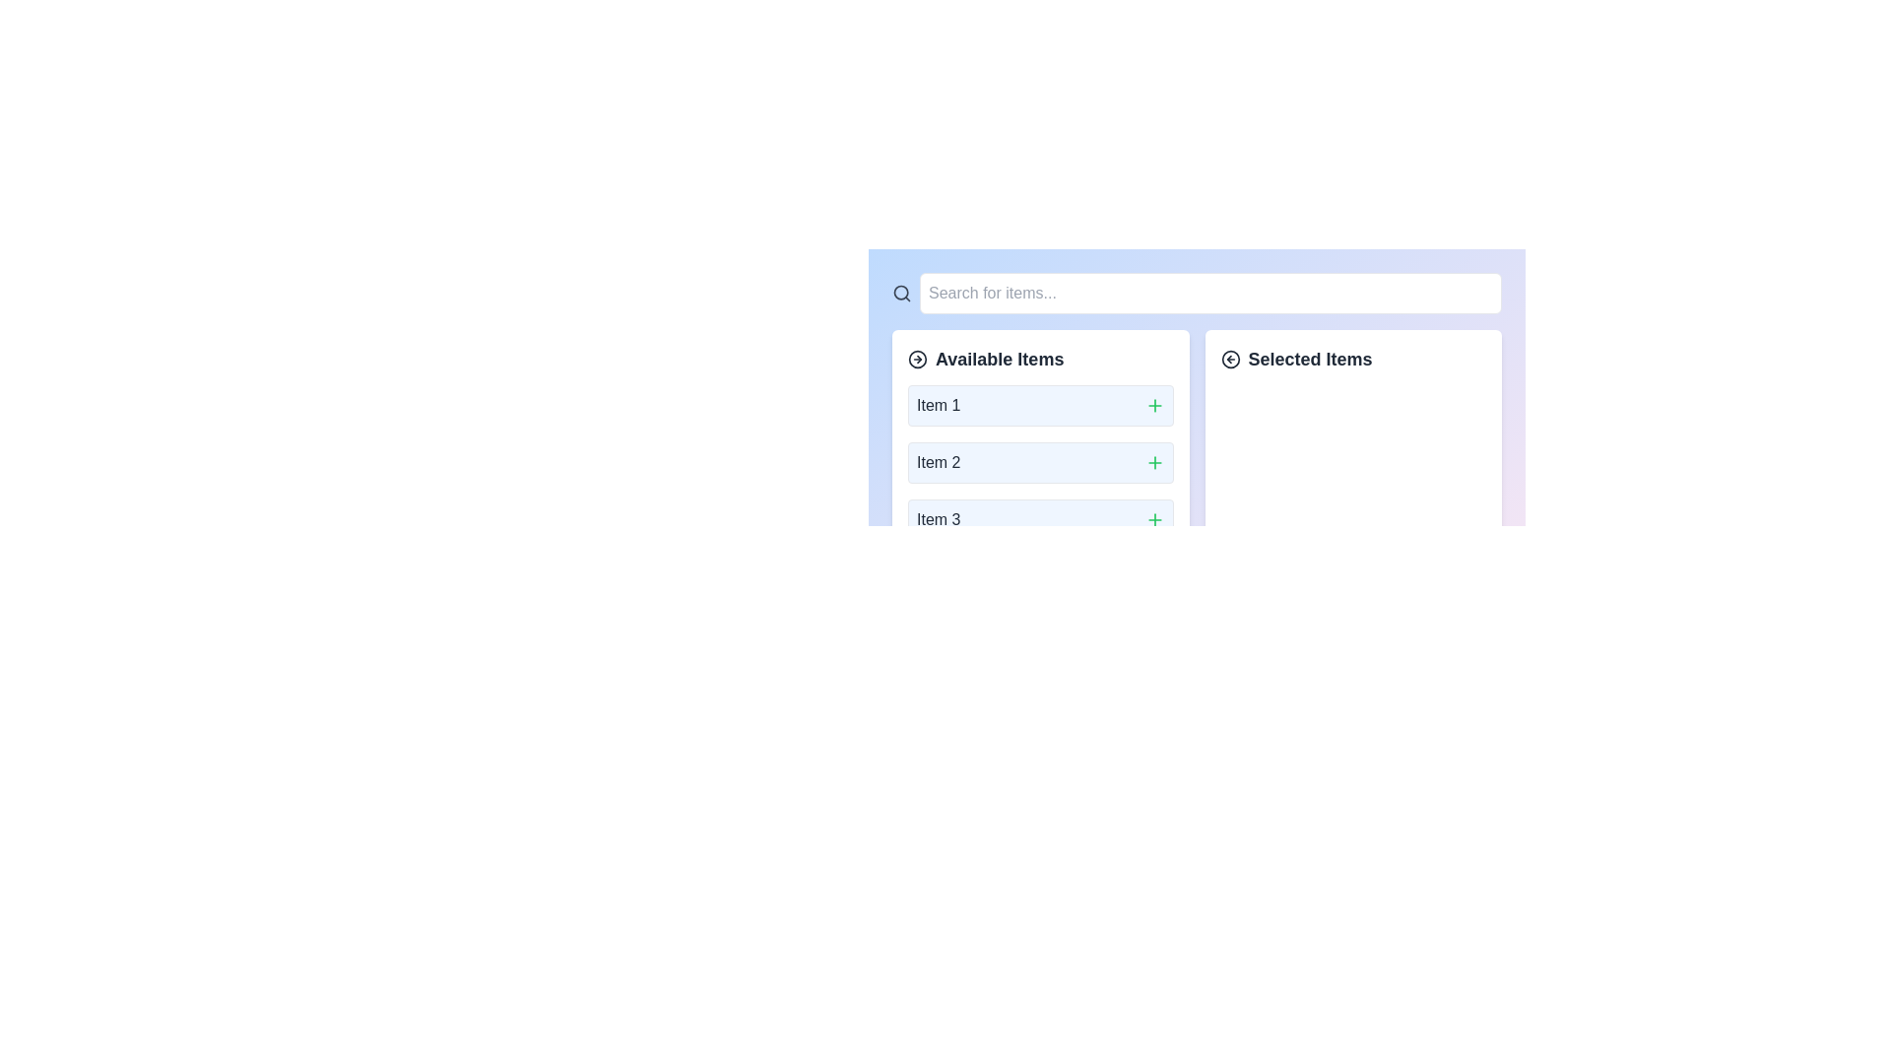 The height and width of the screenshot is (1064, 1891). What do you see at coordinates (900, 293) in the screenshot?
I see `the small circle representing a graphical component, part of the search icon located in the top-left corner of the interface, adjacent to the search input field` at bounding box center [900, 293].